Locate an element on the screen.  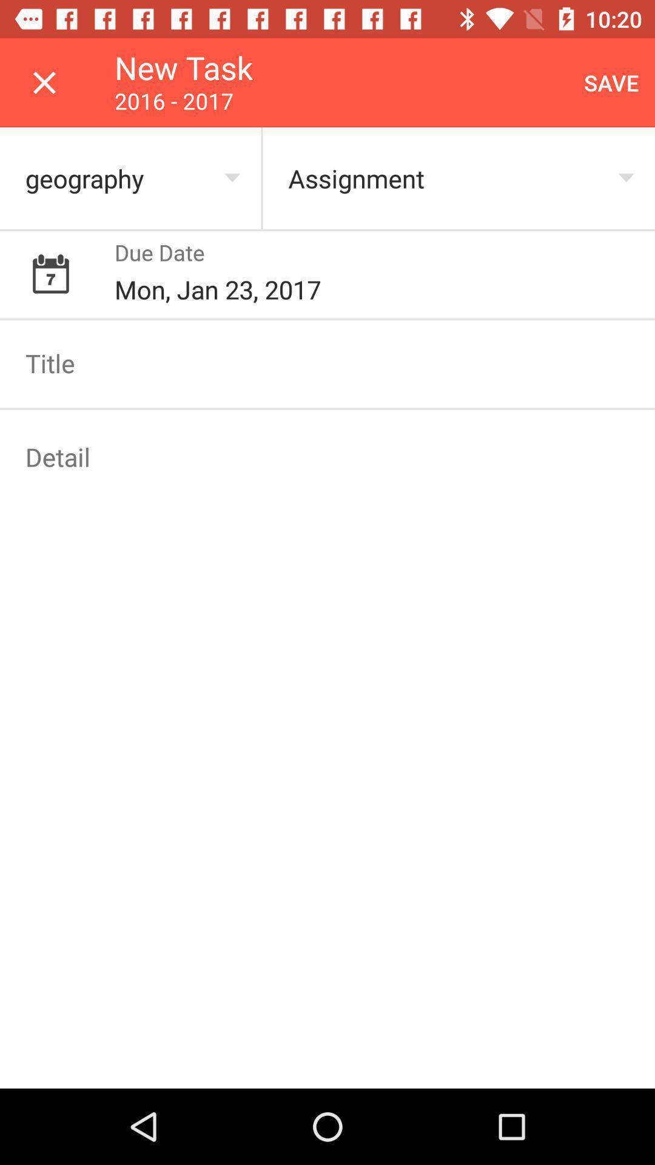
title is located at coordinates (327, 362).